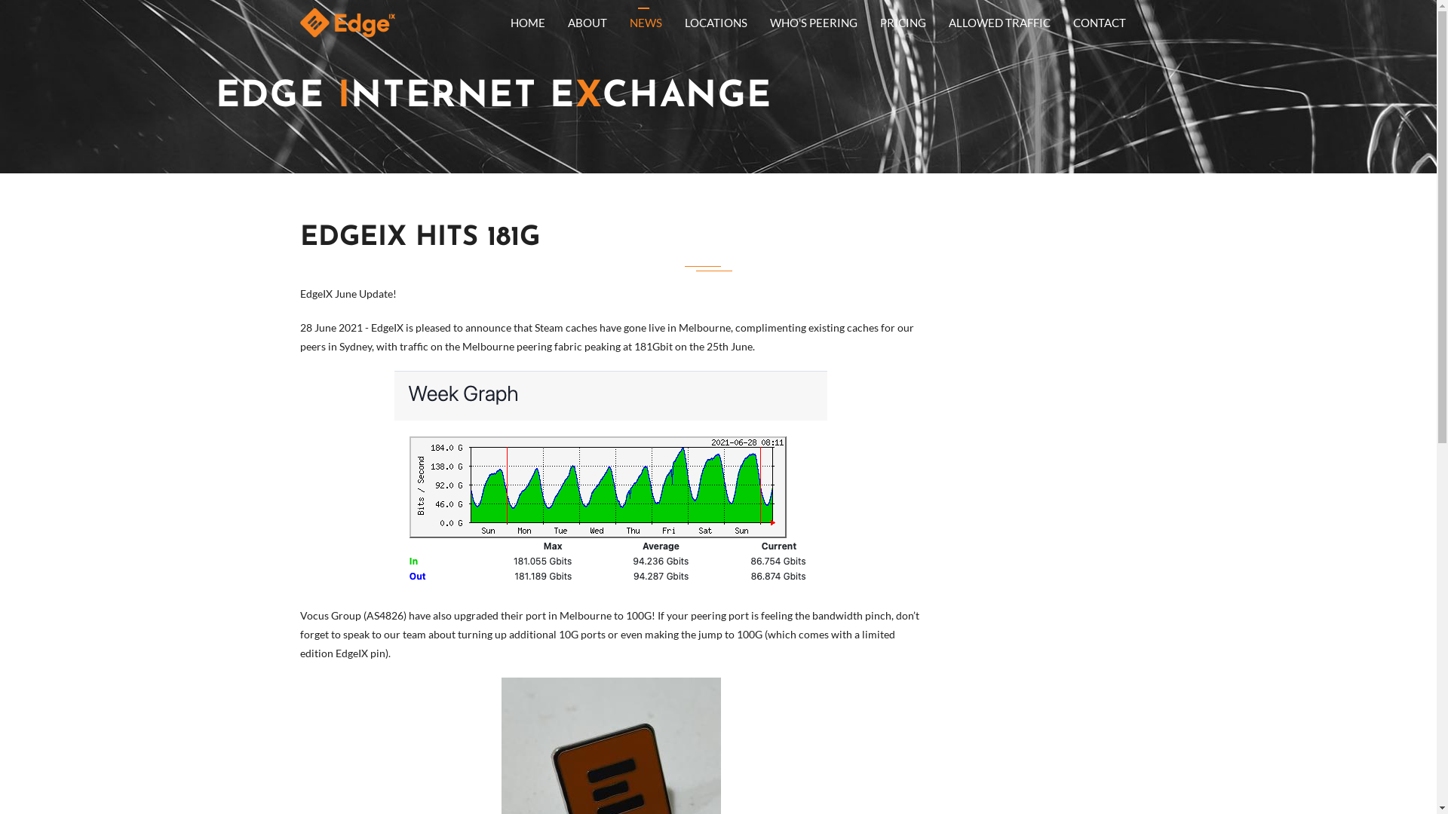 Image resolution: width=1448 pixels, height=814 pixels. What do you see at coordinates (999, 23) in the screenshot?
I see `'ALLOWED TRAFFIC'` at bounding box center [999, 23].